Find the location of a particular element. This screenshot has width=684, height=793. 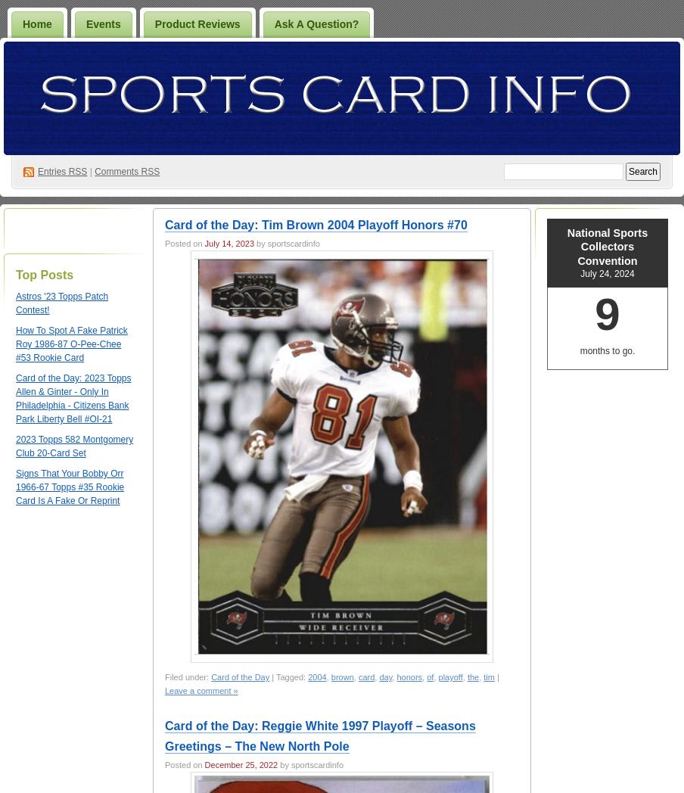

'Card of the Day: 2023 Topps Allen & Ginter - Only In Philadelphia - Citizens Bank Park Liberty Bell #OI-21' is located at coordinates (14, 398).